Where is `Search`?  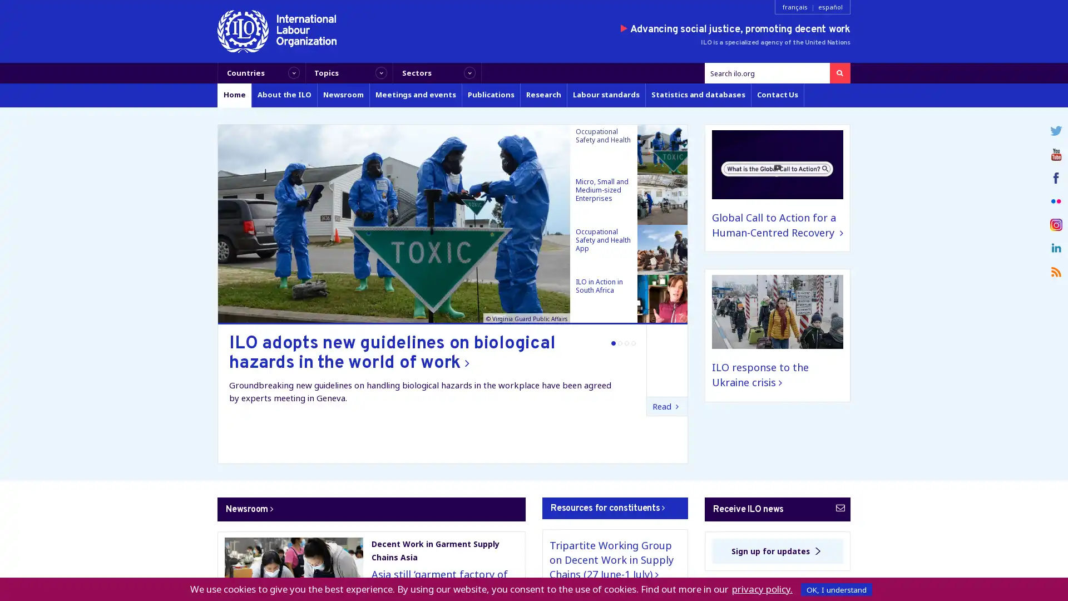 Search is located at coordinates (839, 73).